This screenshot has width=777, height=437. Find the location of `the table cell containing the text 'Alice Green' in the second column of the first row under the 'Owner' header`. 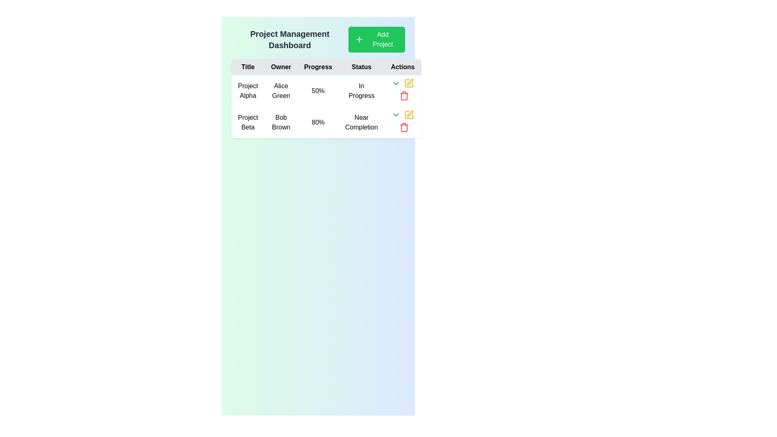

the table cell containing the text 'Alice Green' in the second column of the first row under the 'Owner' header is located at coordinates (281, 91).